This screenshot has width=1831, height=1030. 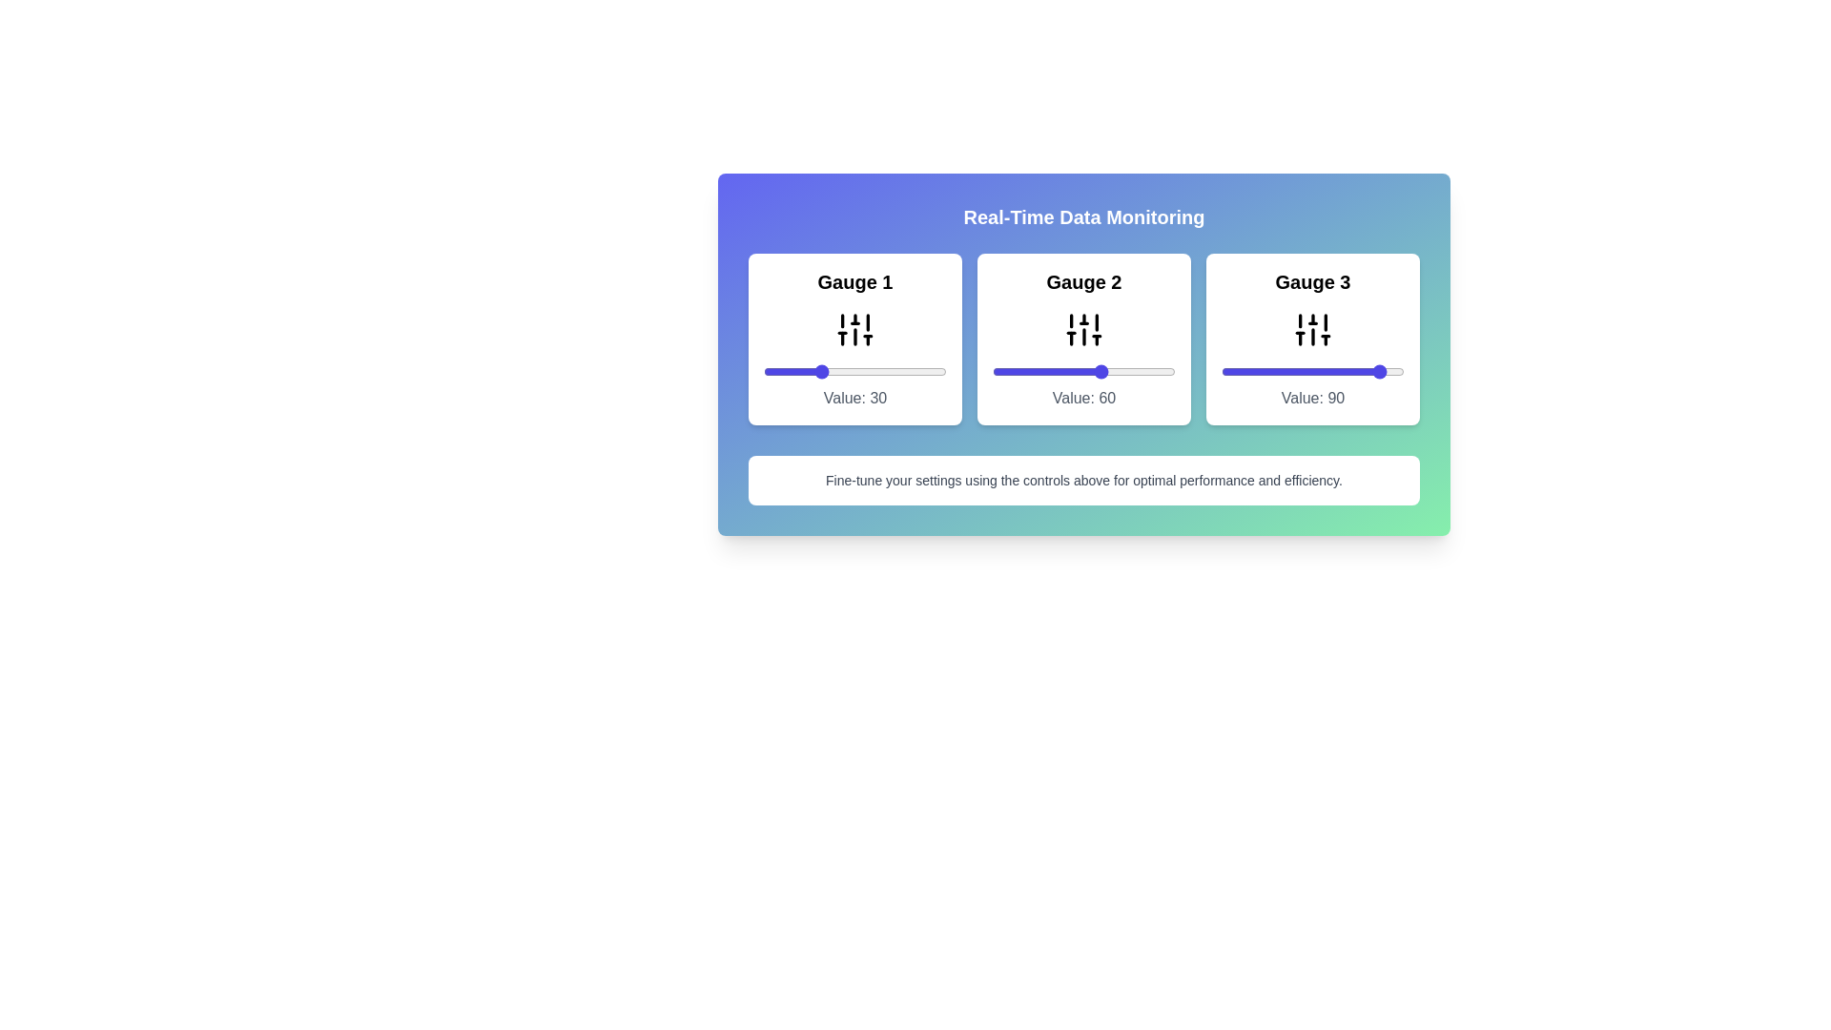 What do you see at coordinates (1020, 371) in the screenshot?
I see `the slider` at bounding box center [1020, 371].